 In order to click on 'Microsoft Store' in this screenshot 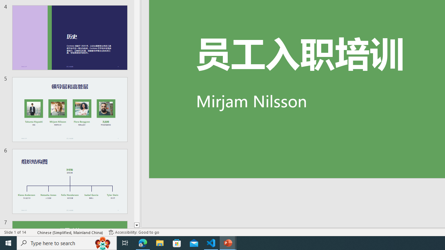, I will do `click(177, 242)`.